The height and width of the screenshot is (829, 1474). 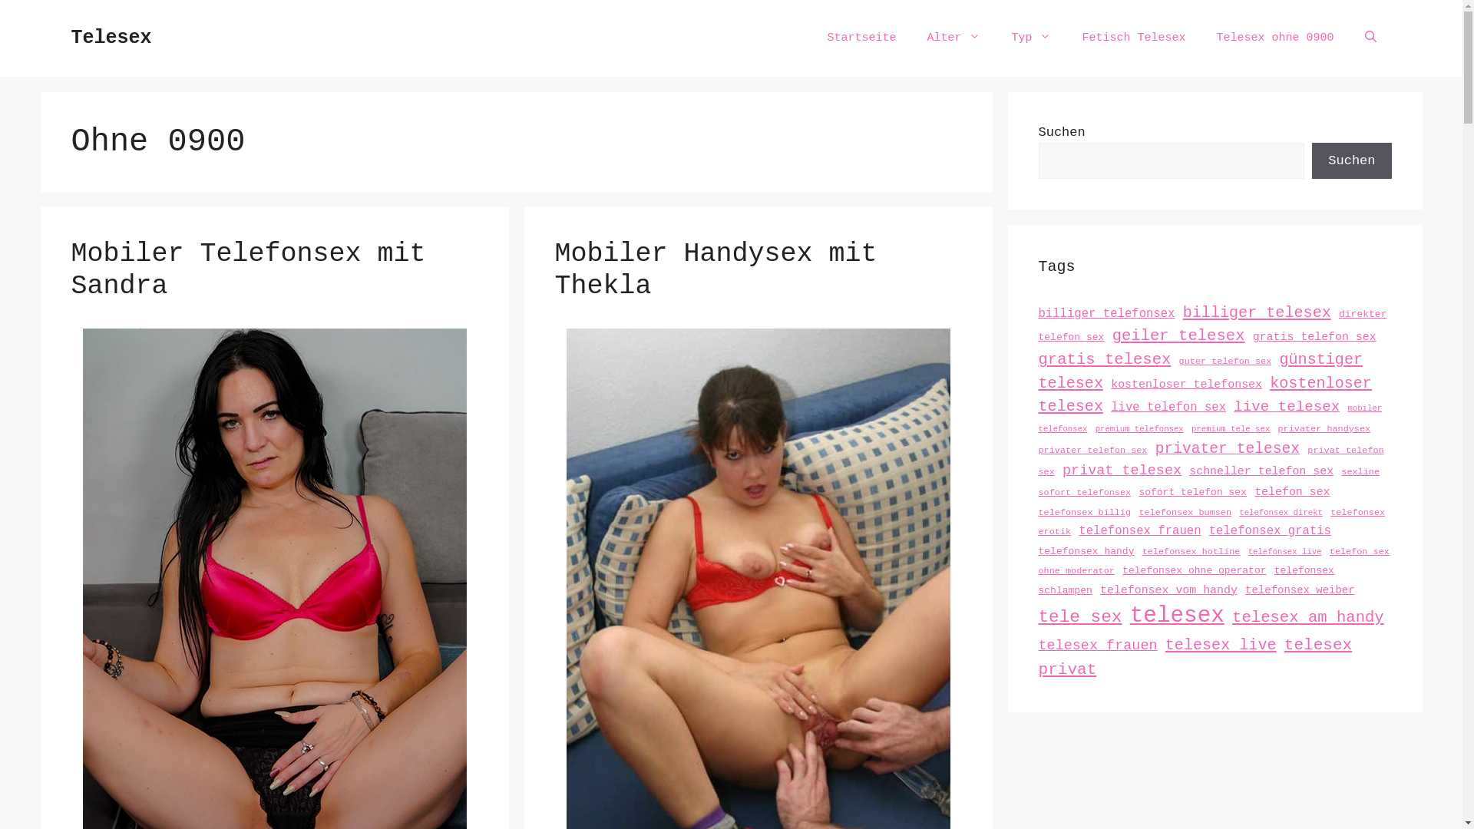 I want to click on 'kostenloser telefonsex', so click(x=1185, y=384).